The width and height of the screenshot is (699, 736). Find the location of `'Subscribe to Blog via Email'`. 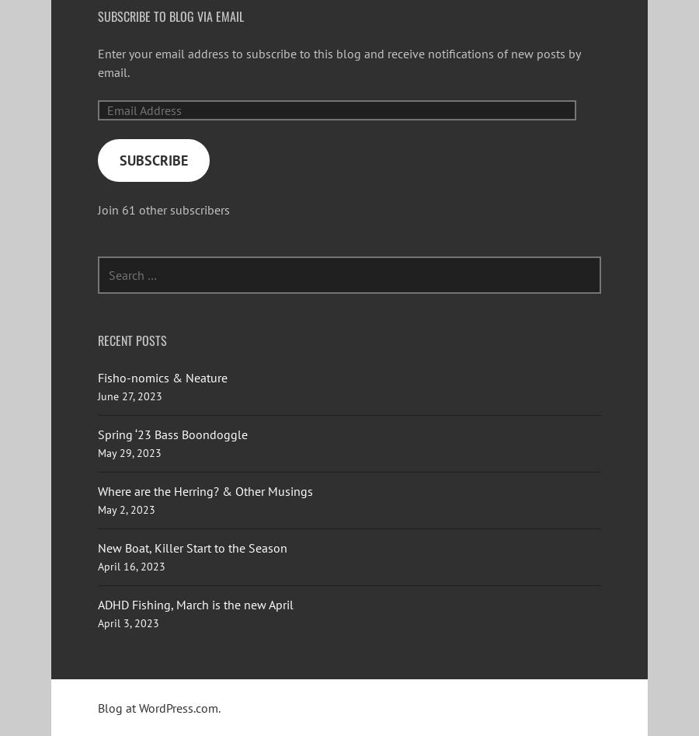

'Subscribe to Blog via Email' is located at coordinates (170, 16).